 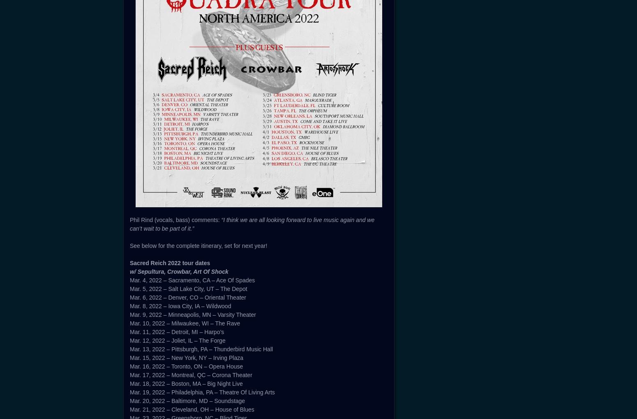 I want to click on 'See below for the complete itinerary, set for next year!', so click(x=198, y=246).